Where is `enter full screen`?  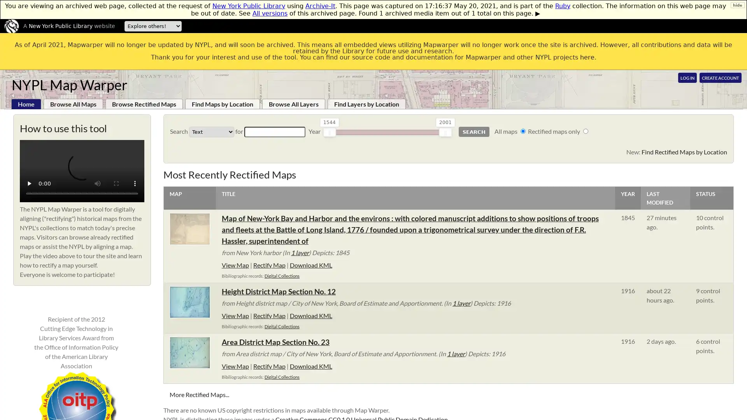 enter full screen is located at coordinates (116, 183).